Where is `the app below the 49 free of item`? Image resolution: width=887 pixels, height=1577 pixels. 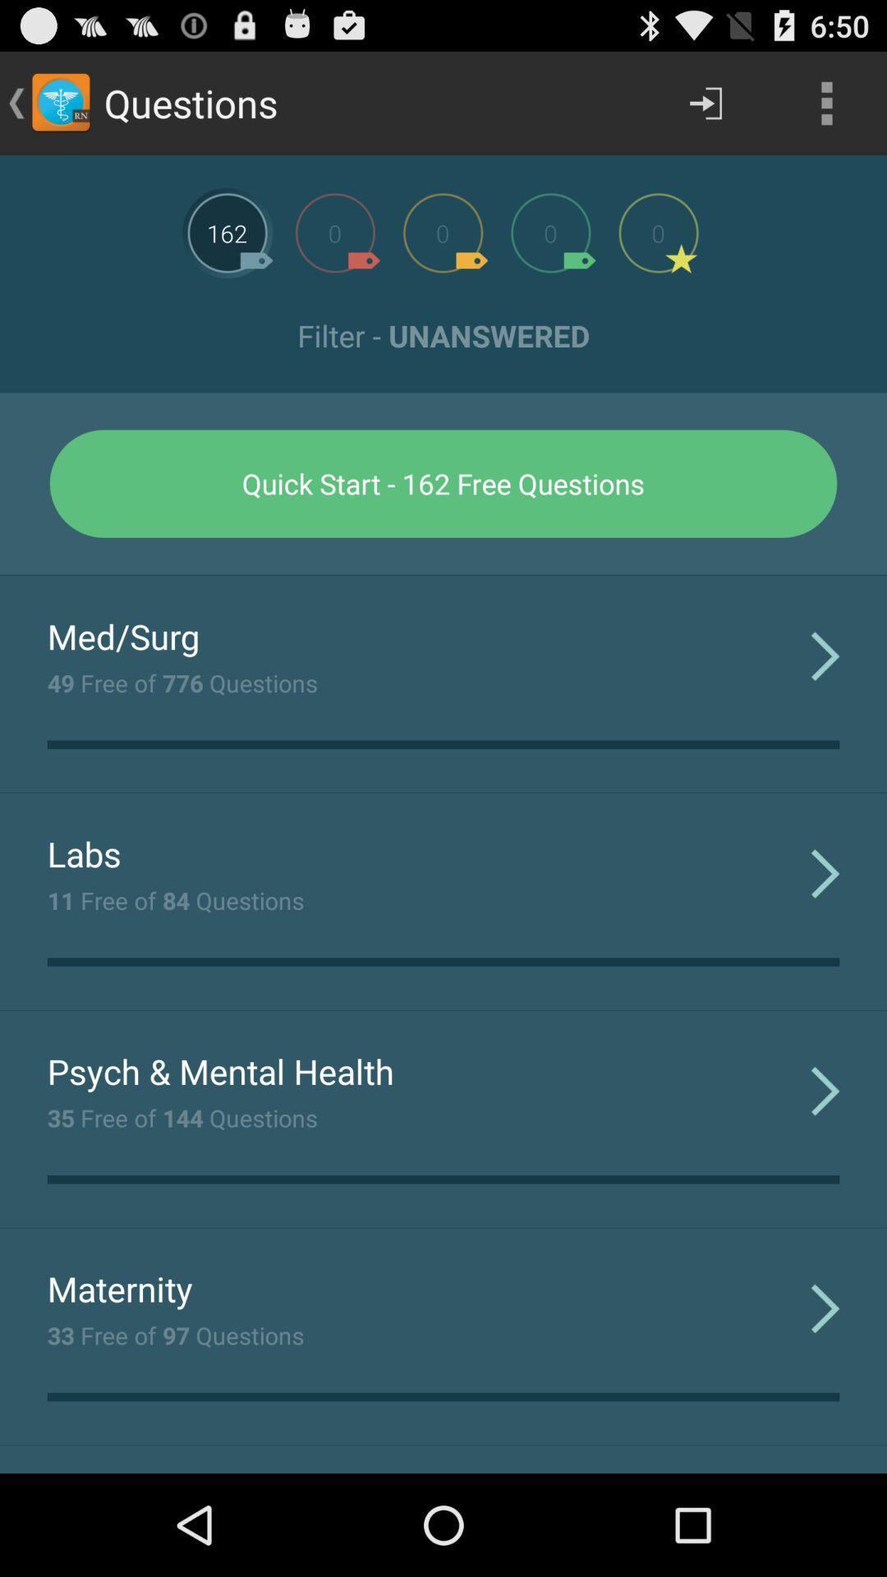 the app below the 49 free of item is located at coordinates (84, 853).